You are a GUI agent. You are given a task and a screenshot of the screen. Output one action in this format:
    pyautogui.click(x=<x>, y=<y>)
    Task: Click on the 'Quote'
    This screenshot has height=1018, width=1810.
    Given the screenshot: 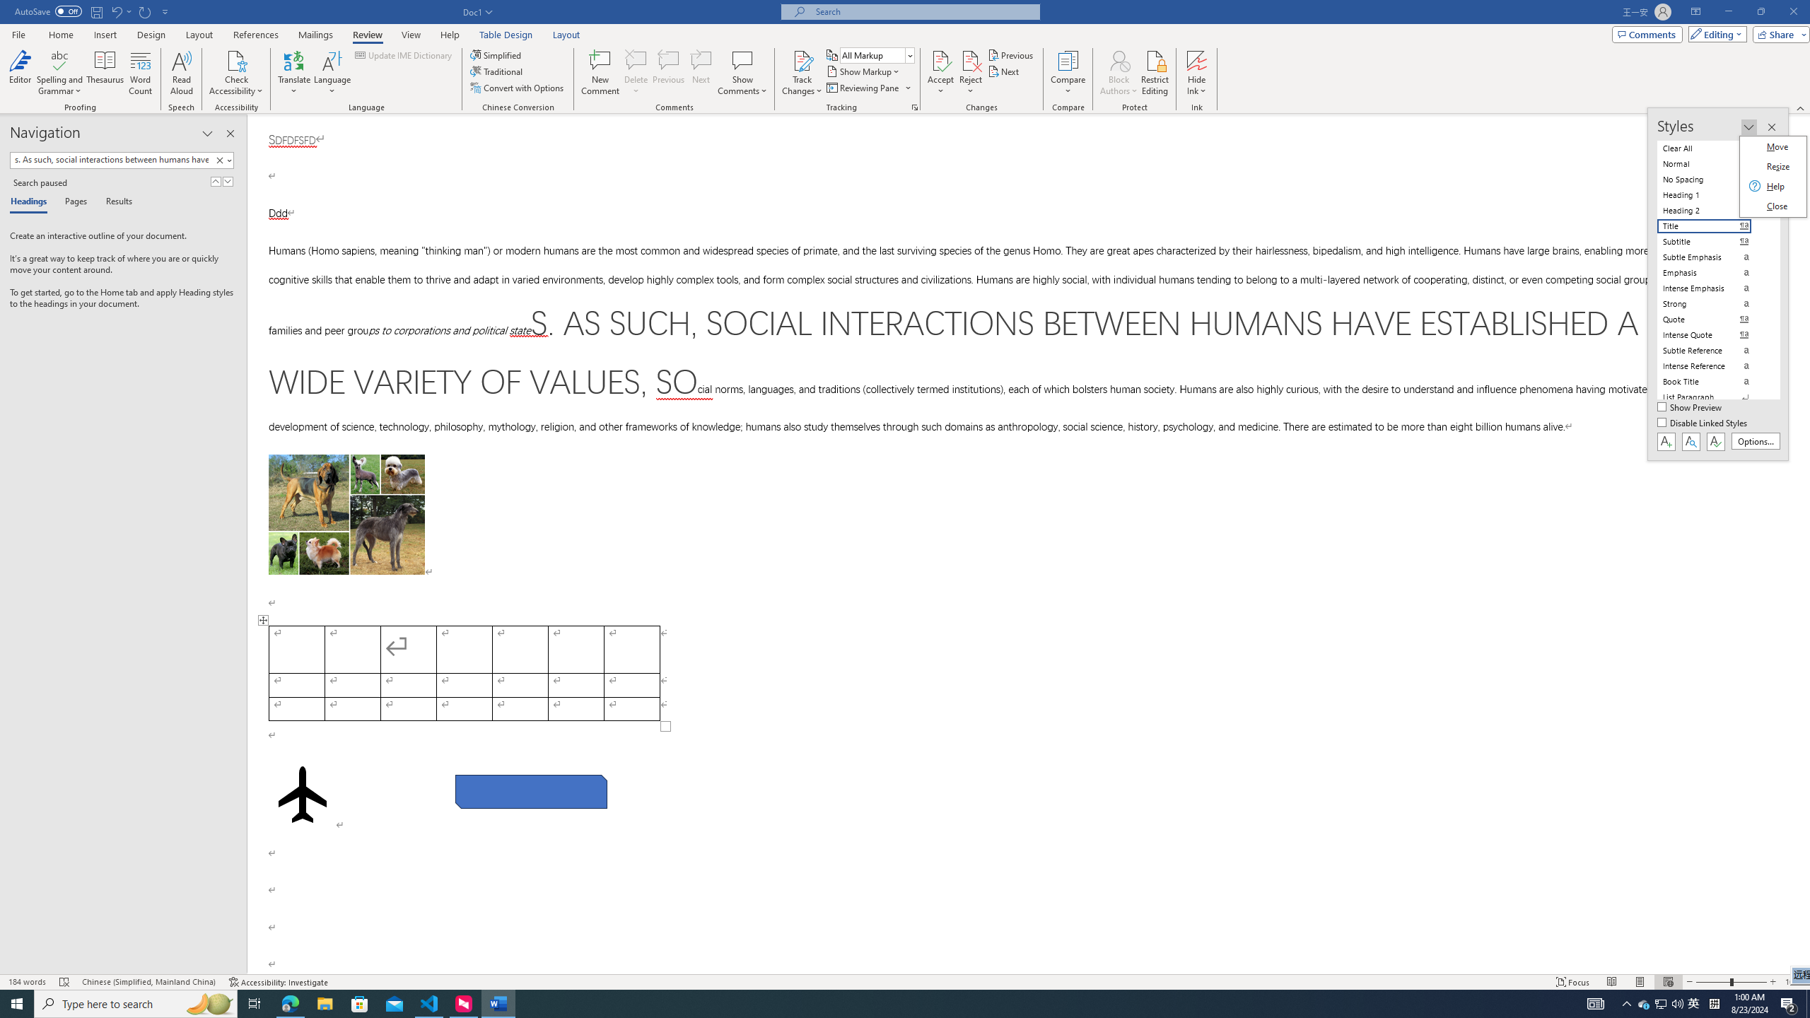 What is the action you would take?
    pyautogui.click(x=1712, y=319)
    